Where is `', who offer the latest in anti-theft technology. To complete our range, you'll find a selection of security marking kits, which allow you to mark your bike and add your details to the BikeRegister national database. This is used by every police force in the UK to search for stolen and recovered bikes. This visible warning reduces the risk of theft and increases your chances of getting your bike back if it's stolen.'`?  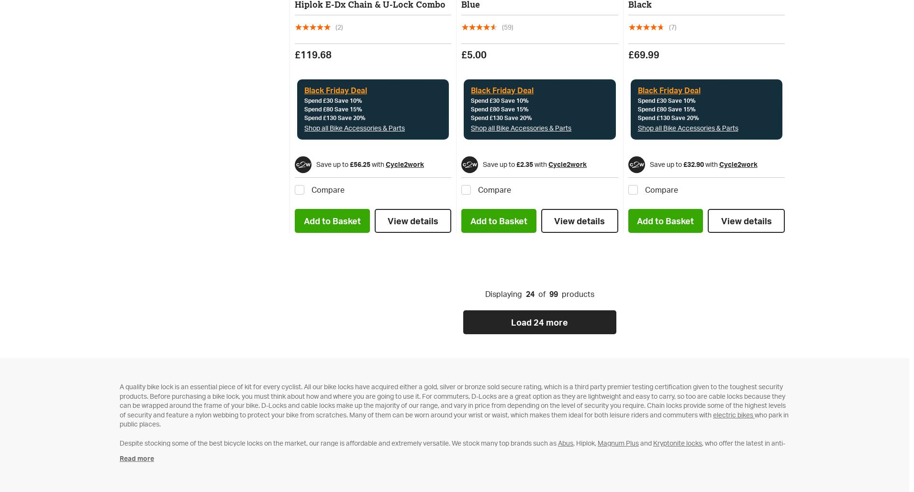
', who offer the latest in anti-theft technology. To complete our range, you'll find a selection of security marking kits, which allow you to mark your bike and add your details to the BikeRegister national database. This is used by every police force in the UK to search for stolen and recovered bikes. This visible warning reduces the risk of theft and increases your chances of getting your bike back if it's stolen.' is located at coordinates (120, 452).